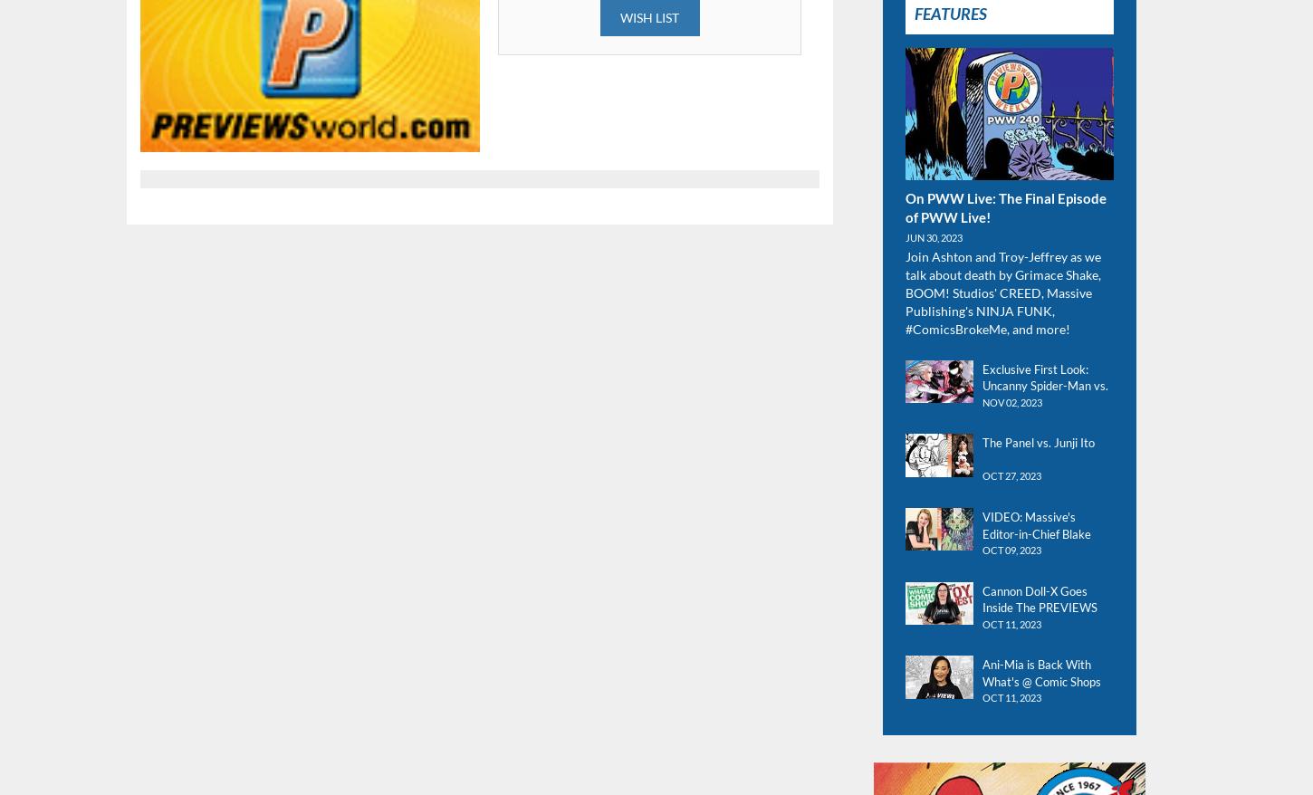 Image resolution: width=1313 pixels, height=795 pixels. What do you see at coordinates (1037, 442) in the screenshot?
I see `'The Panel vs. Junji  Ito'` at bounding box center [1037, 442].